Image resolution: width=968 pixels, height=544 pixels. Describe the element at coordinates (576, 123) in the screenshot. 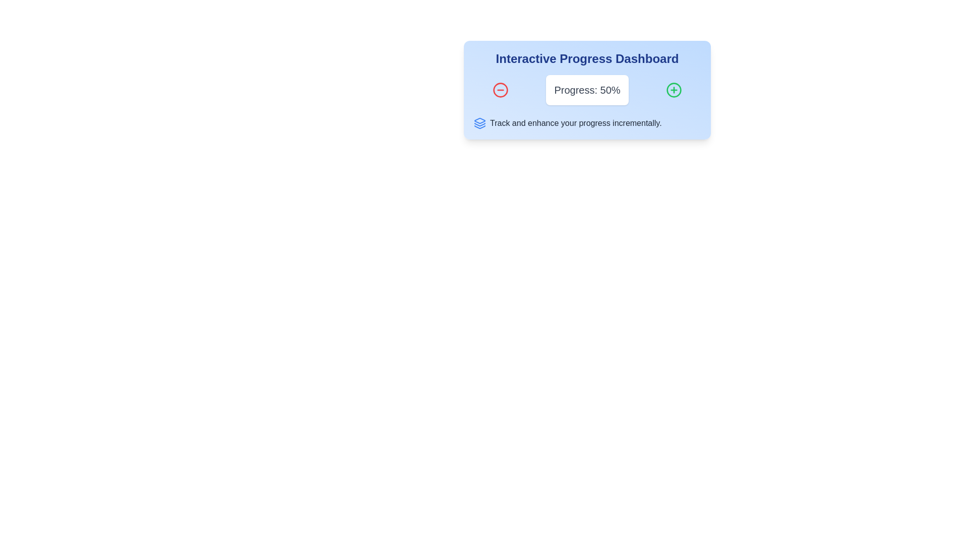

I see `the Text label that provides descriptive information about the functionality or purpose of the interface, located to the right of a blue icon representing layers` at that location.